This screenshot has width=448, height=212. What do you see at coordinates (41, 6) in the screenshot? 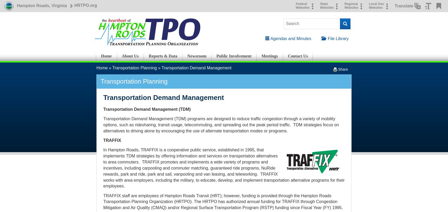
I see `'Hampton Roads, Virginia'` at bounding box center [41, 6].